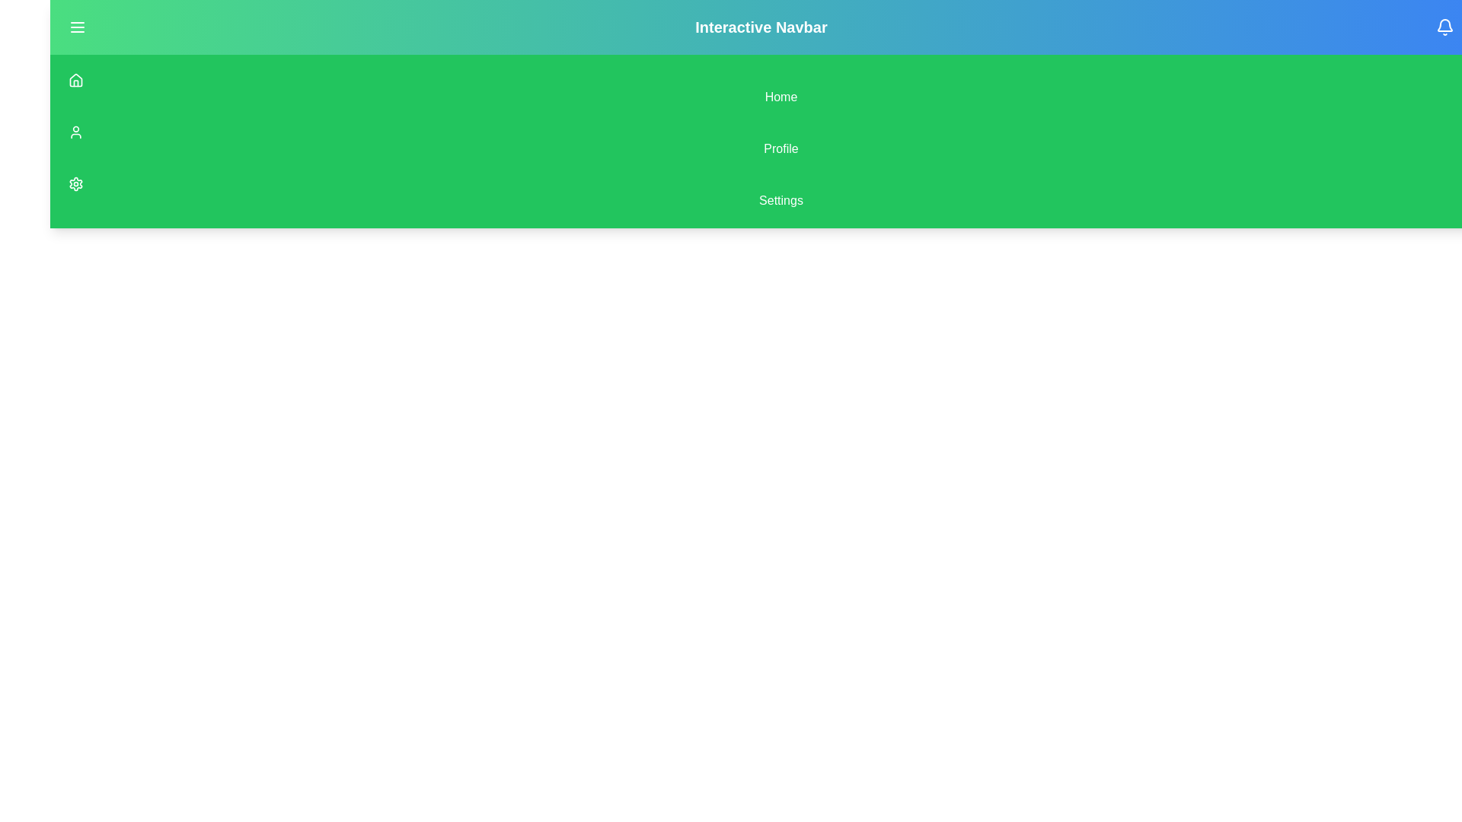  I want to click on the gear icon located in the bottom-left section of the green vertical sidebar, so click(75, 183).